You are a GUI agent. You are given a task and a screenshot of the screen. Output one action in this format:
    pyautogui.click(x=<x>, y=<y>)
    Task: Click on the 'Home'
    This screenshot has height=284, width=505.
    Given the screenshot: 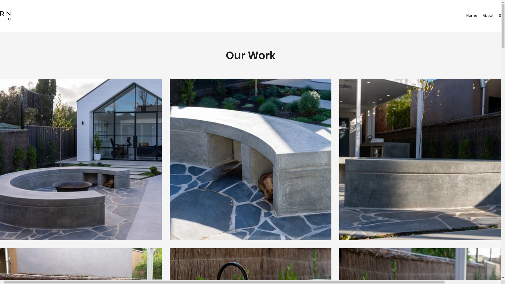 What is the action you would take?
    pyautogui.click(x=472, y=15)
    